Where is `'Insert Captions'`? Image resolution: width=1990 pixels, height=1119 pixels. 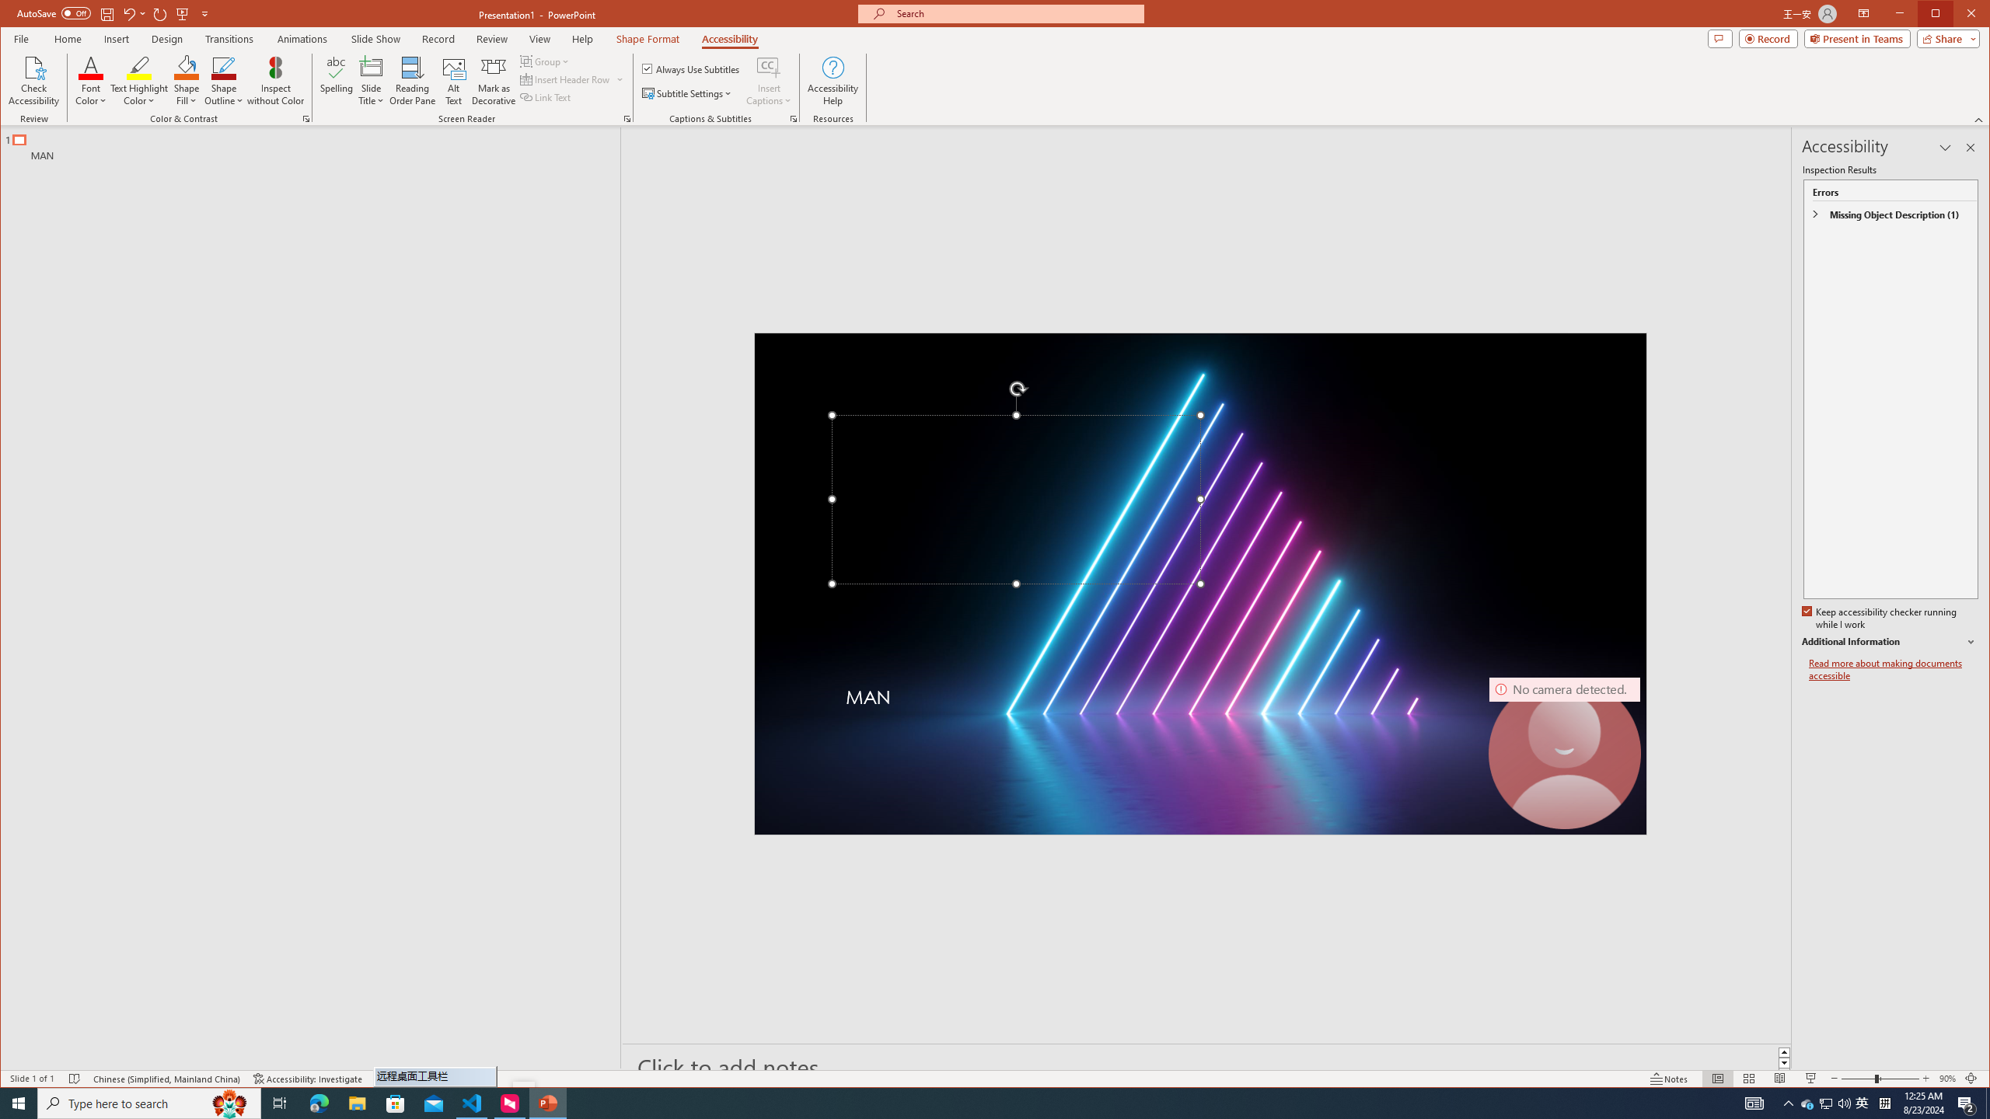
'Insert Captions' is located at coordinates (768, 80).